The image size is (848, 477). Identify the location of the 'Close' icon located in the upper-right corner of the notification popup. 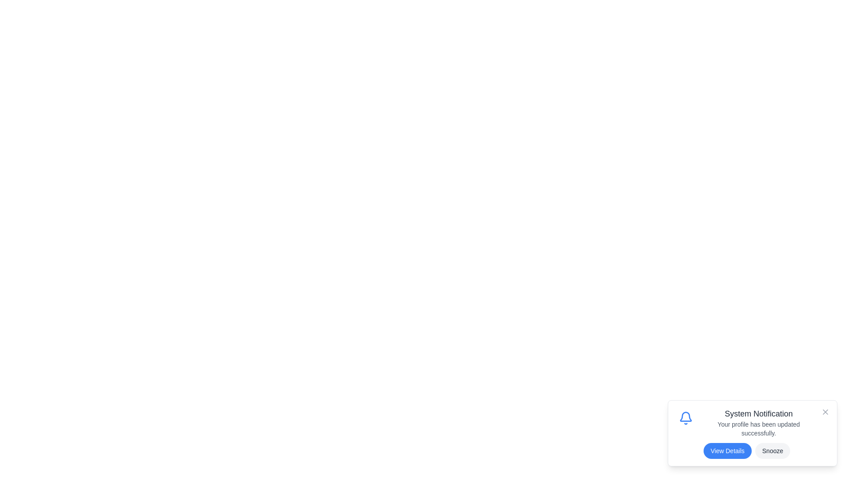
(825, 412).